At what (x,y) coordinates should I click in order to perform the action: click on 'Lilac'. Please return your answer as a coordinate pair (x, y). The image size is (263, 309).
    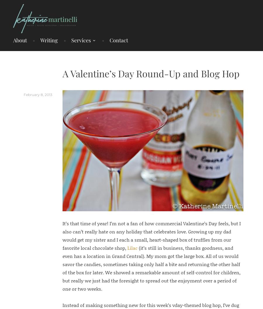
    Looking at the image, I should click on (127, 247).